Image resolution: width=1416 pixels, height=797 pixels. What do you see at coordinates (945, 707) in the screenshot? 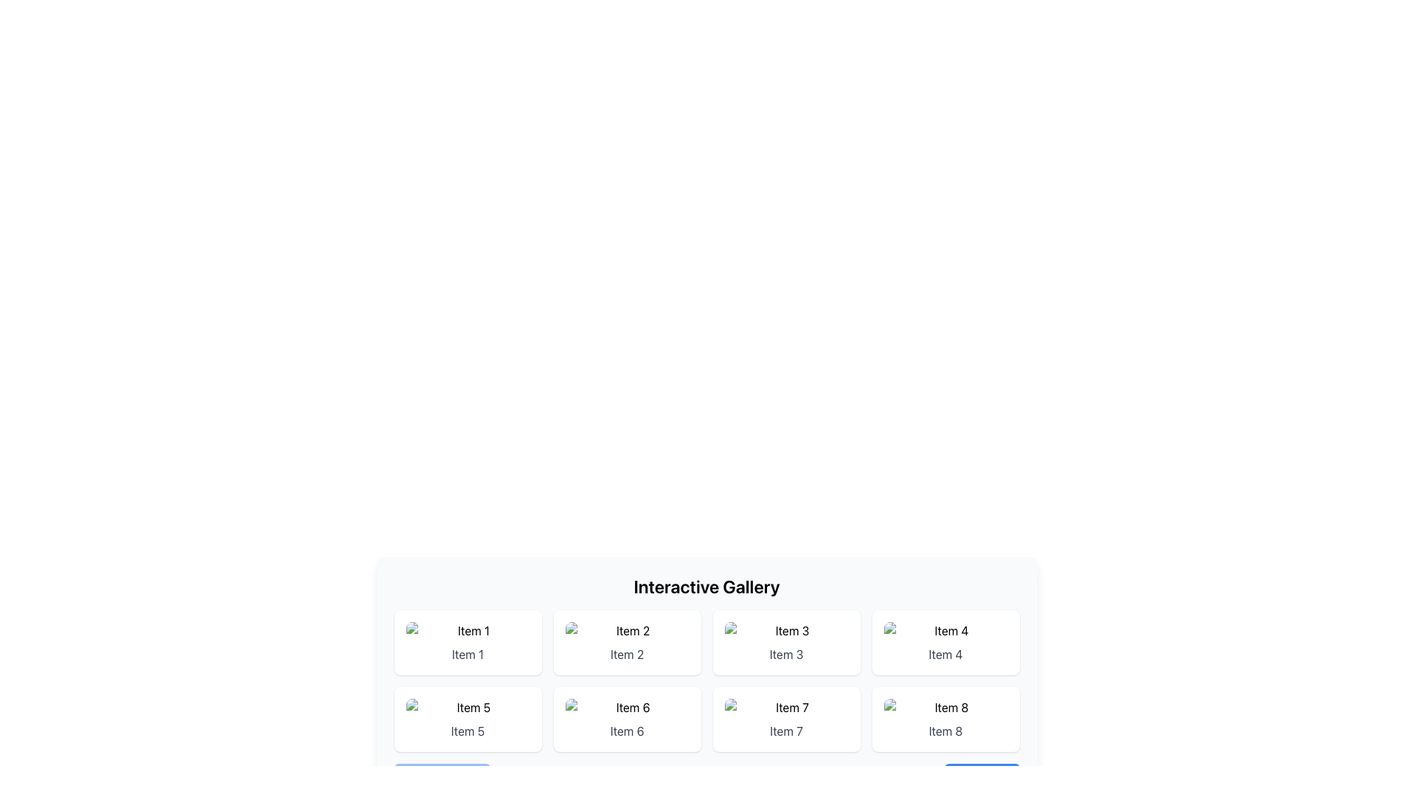
I see `the image representing 'Item 8' located in the bottom-right corner of the gallery layout` at bounding box center [945, 707].